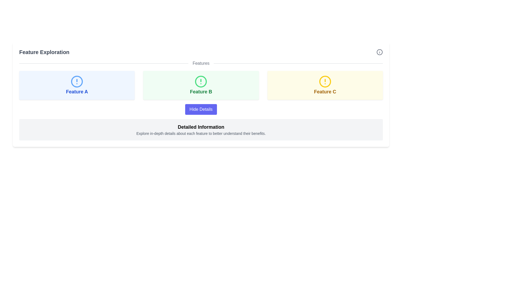 The width and height of the screenshot is (513, 289). I want to click on the button with rounded corners and vibrant indigo background that reads 'Hide Details', so click(201, 109).